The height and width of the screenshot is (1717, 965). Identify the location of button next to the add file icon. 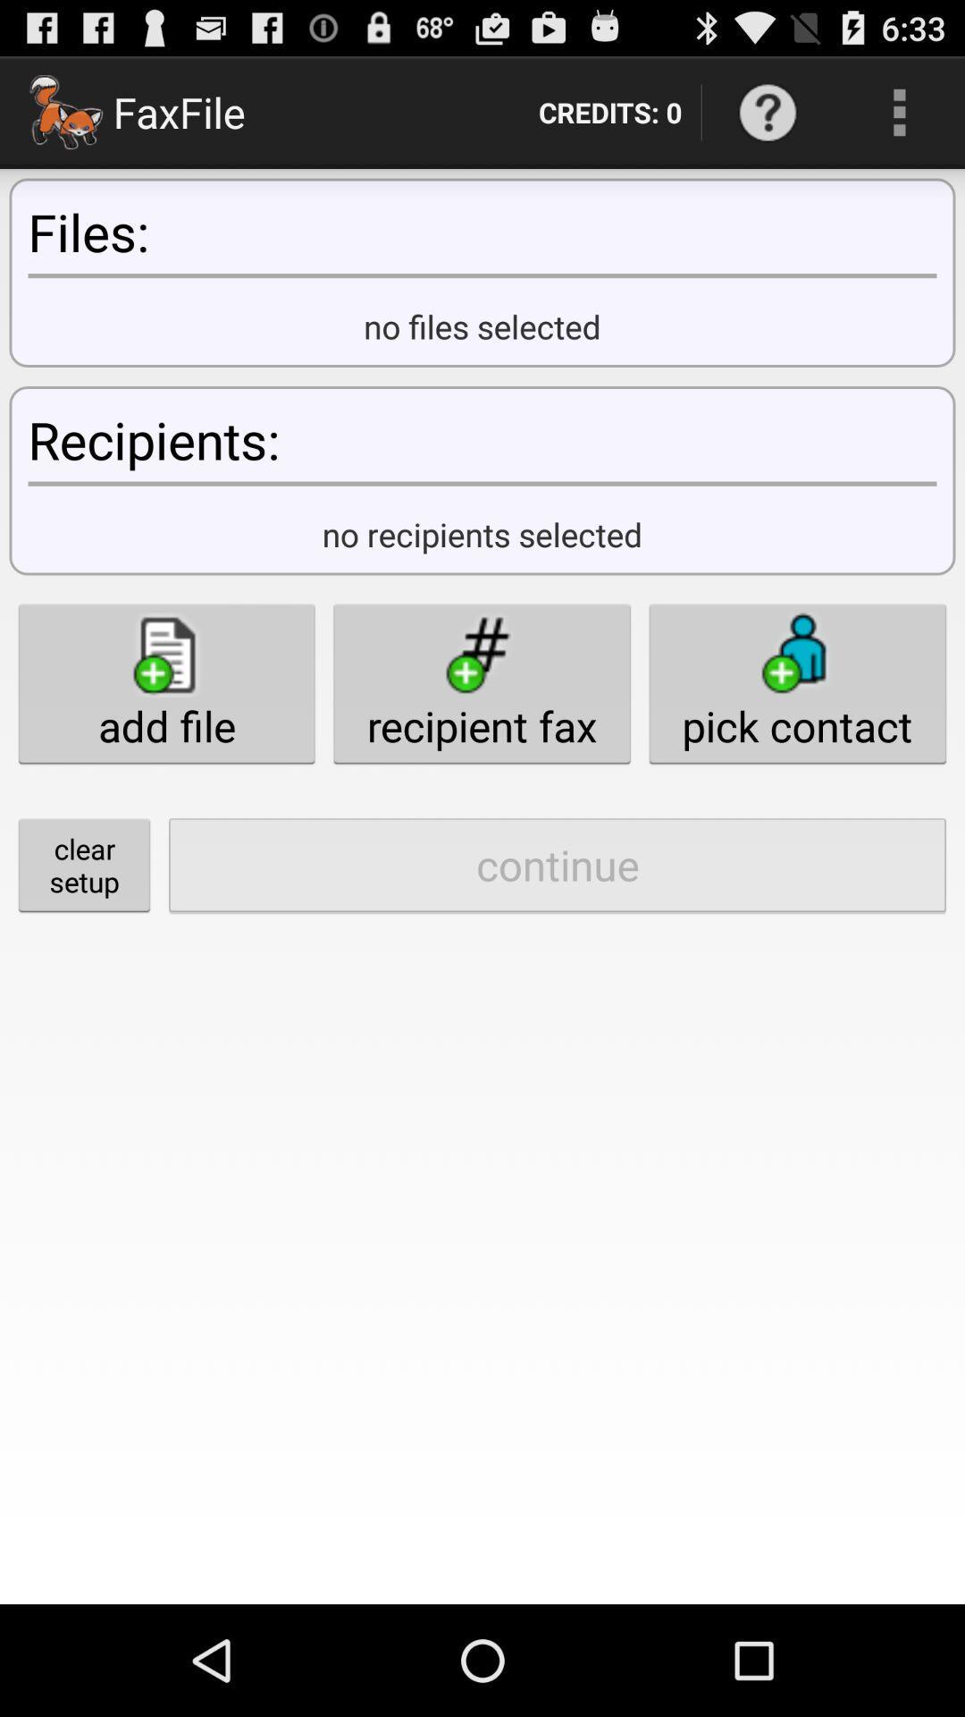
(481, 682).